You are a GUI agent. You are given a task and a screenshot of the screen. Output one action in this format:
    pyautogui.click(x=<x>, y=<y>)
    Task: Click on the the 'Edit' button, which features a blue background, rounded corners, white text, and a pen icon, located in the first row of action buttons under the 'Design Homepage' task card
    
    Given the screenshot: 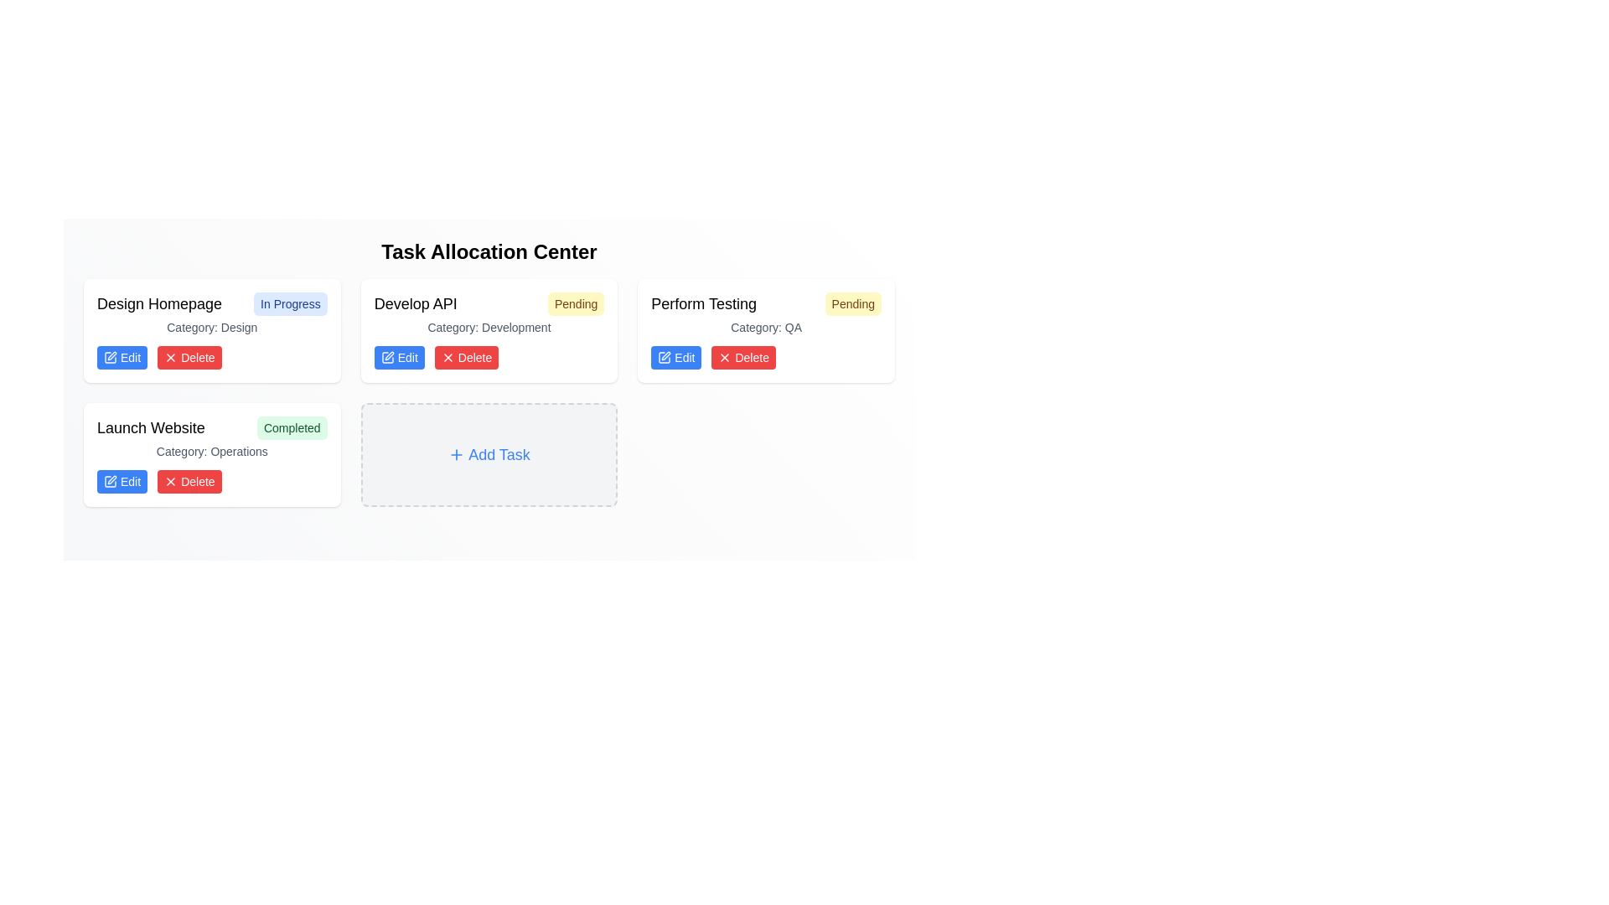 What is the action you would take?
    pyautogui.click(x=122, y=357)
    